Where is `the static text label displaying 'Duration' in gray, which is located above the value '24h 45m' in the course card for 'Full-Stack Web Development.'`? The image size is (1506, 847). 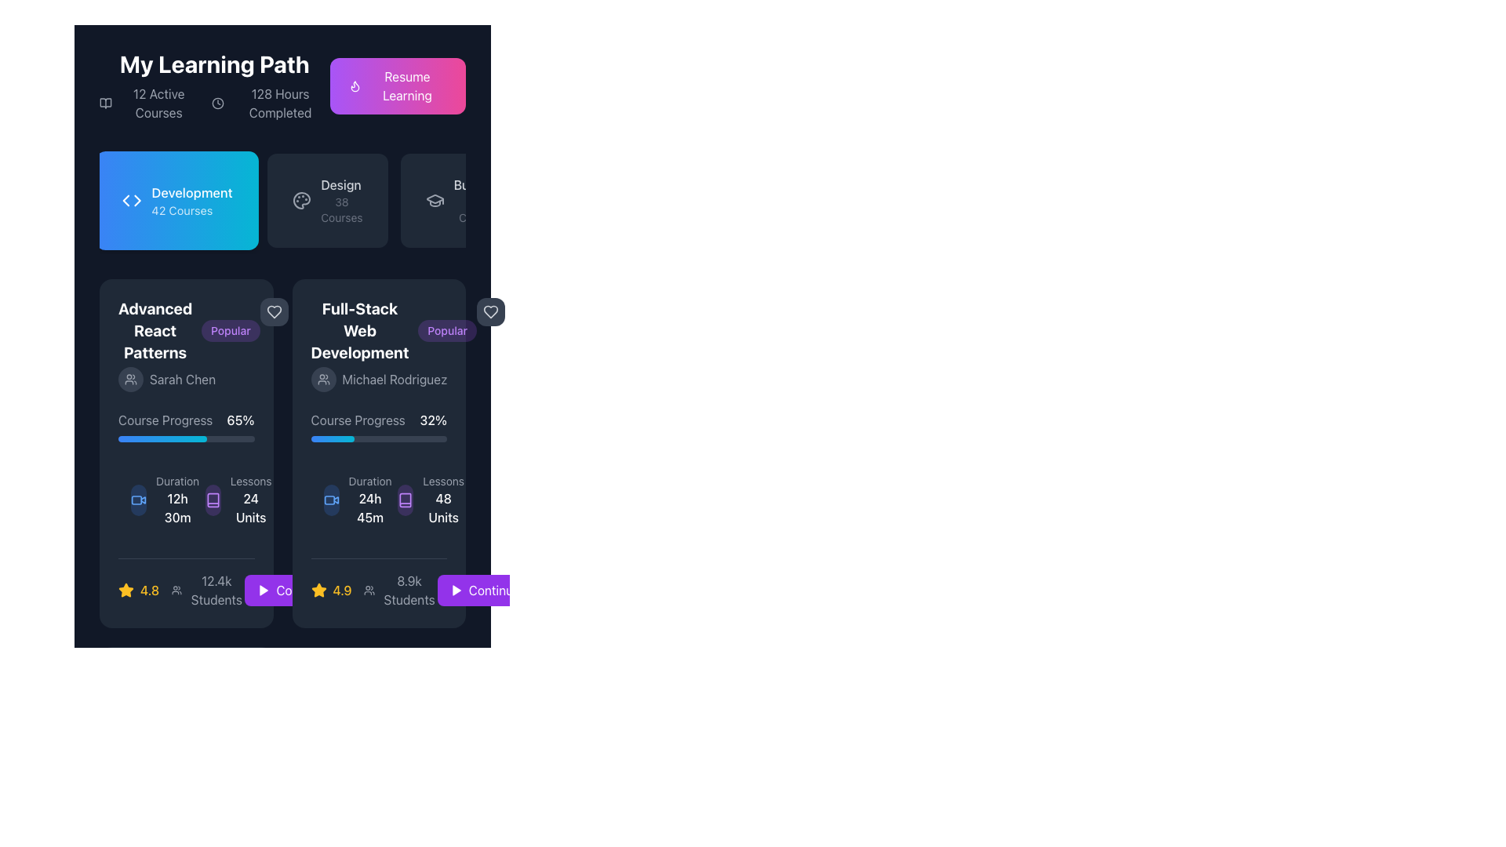 the static text label displaying 'Duration' in gray, which is located above the value '24h 45m' in the course card for 'Full-Stack Web Development.' is located at coordinates (369, 480).